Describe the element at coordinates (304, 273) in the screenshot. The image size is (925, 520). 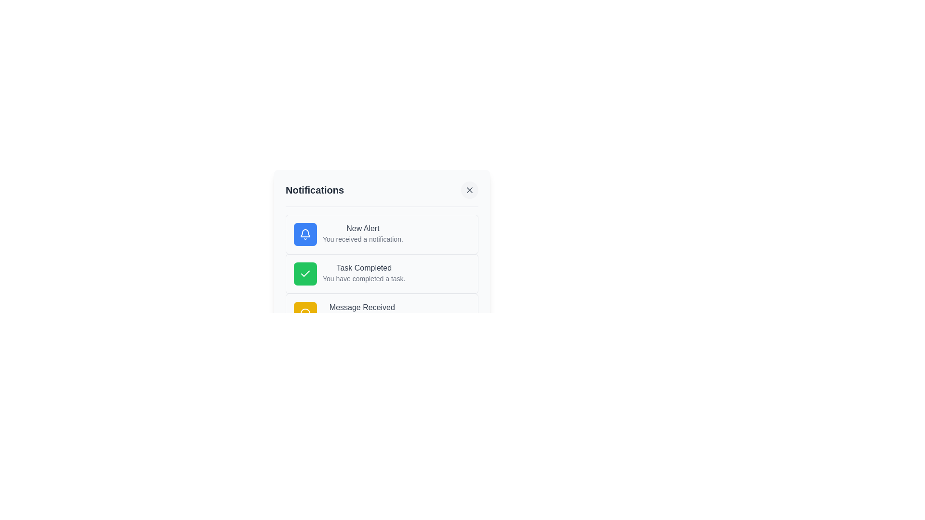
I see `the green checkmark icon located to the left of the 'Task Completed' notification text, indicating a completed task` at that location.